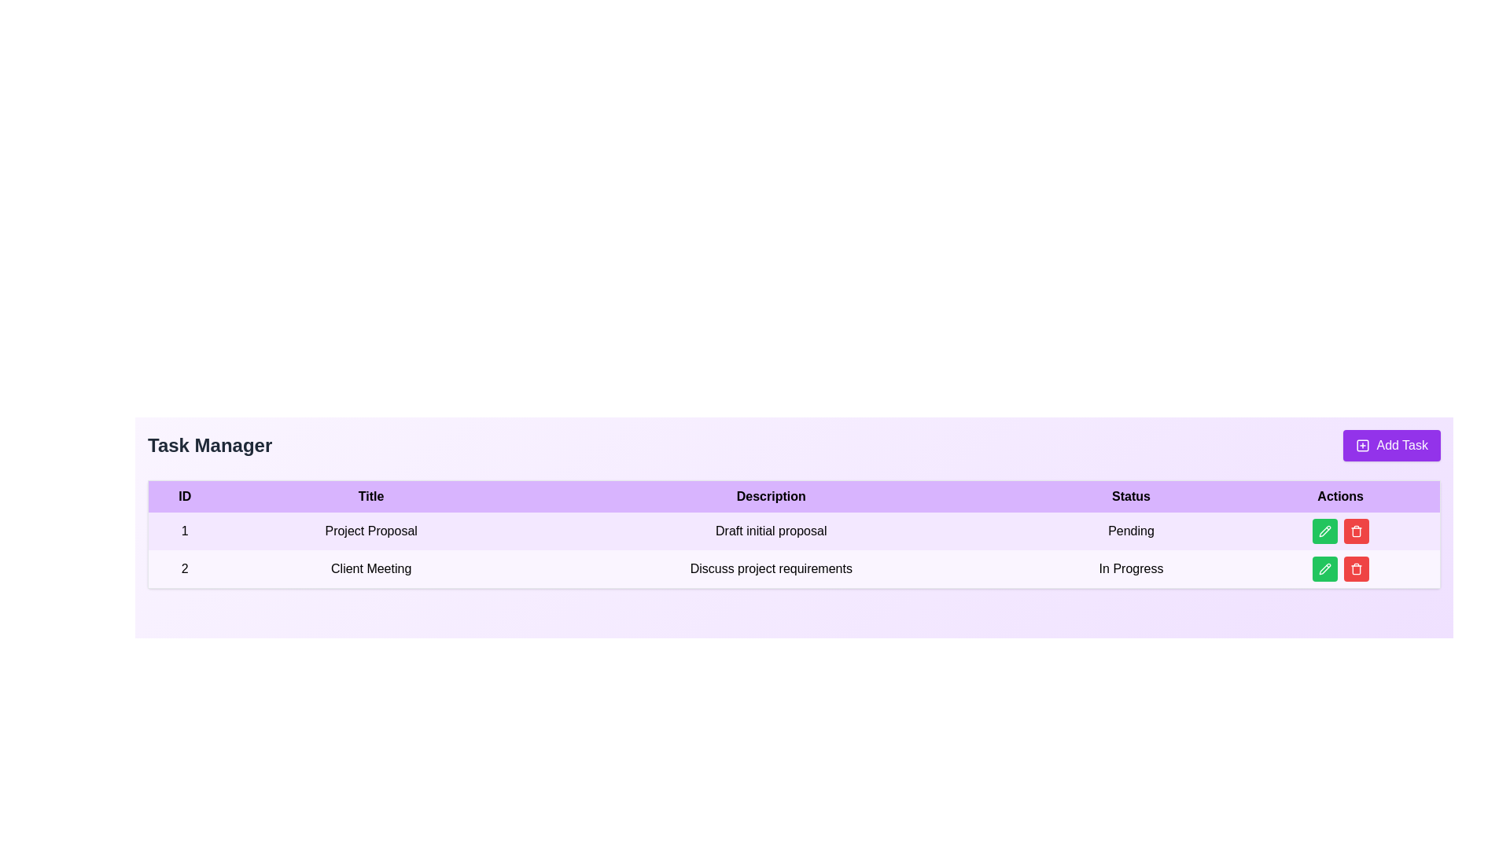  Describe the element at coordinates (1324, 569) in the screenshot. I see `the edit button located in the 'Actions' column of the second row in the task management interface` at that location.